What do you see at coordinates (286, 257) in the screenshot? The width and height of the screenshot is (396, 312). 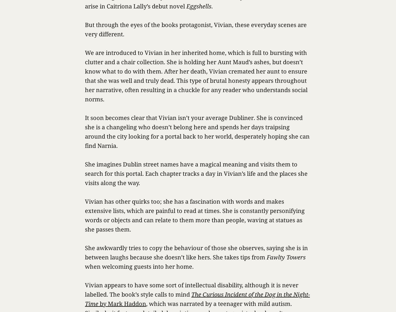 I see `'Fawlty Towers'` at bounding box center [286, 257].